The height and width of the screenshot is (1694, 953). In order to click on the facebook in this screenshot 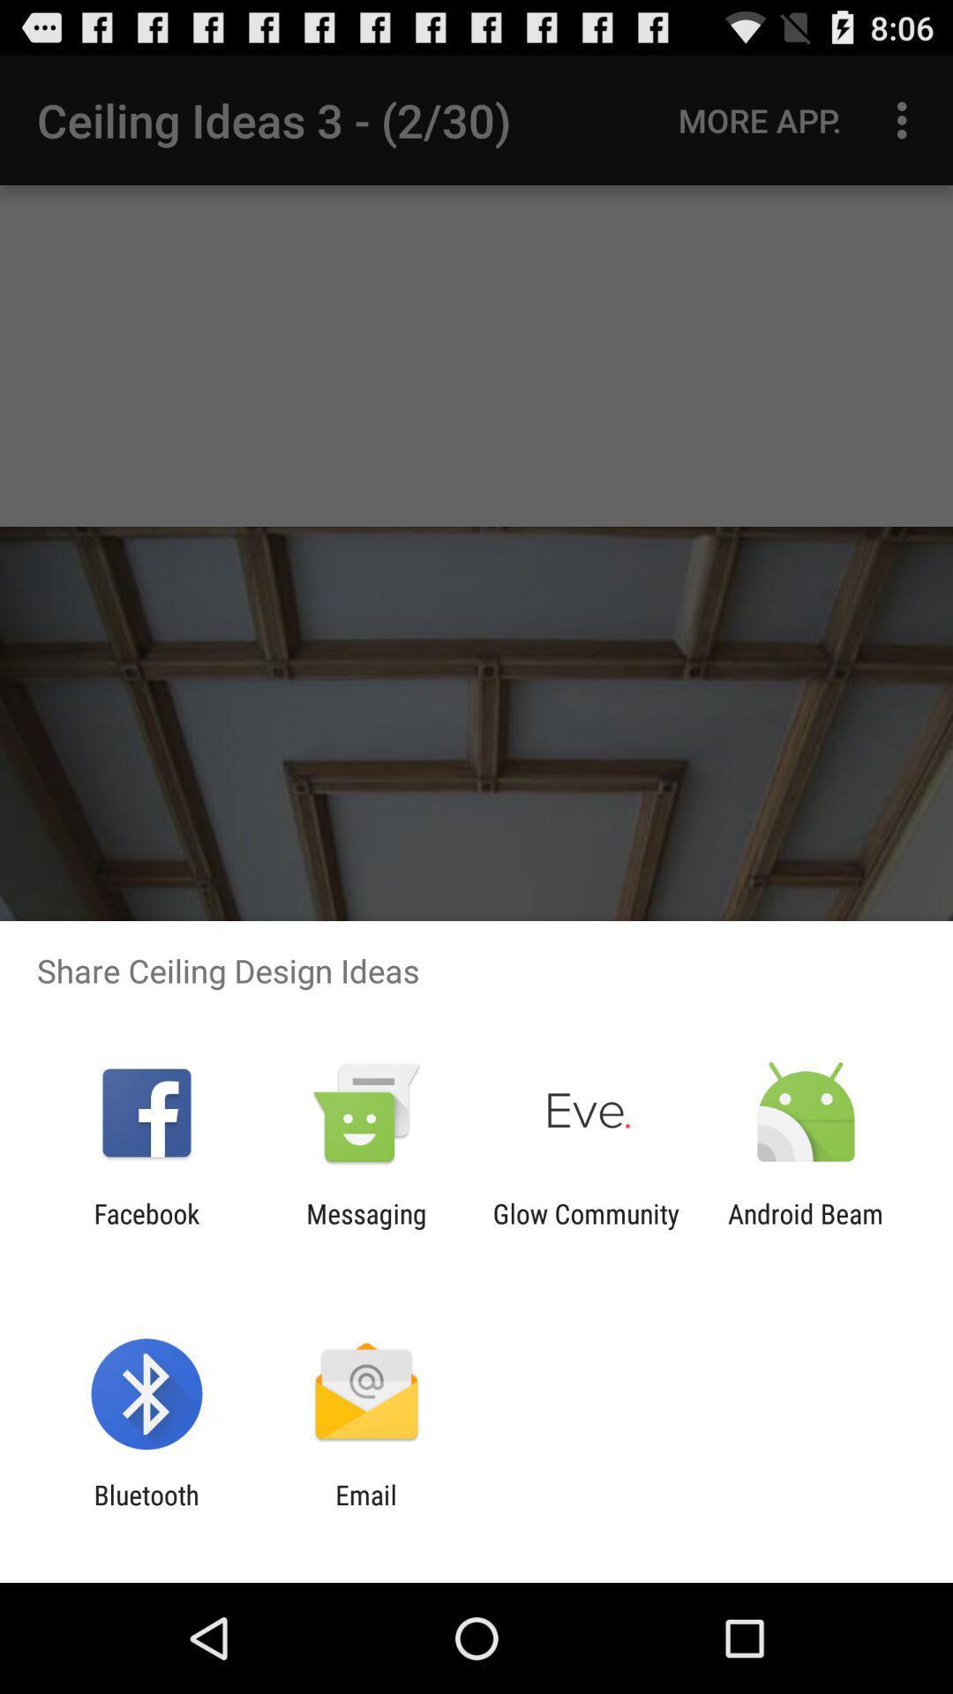, I will do `click(146, 1228)`.